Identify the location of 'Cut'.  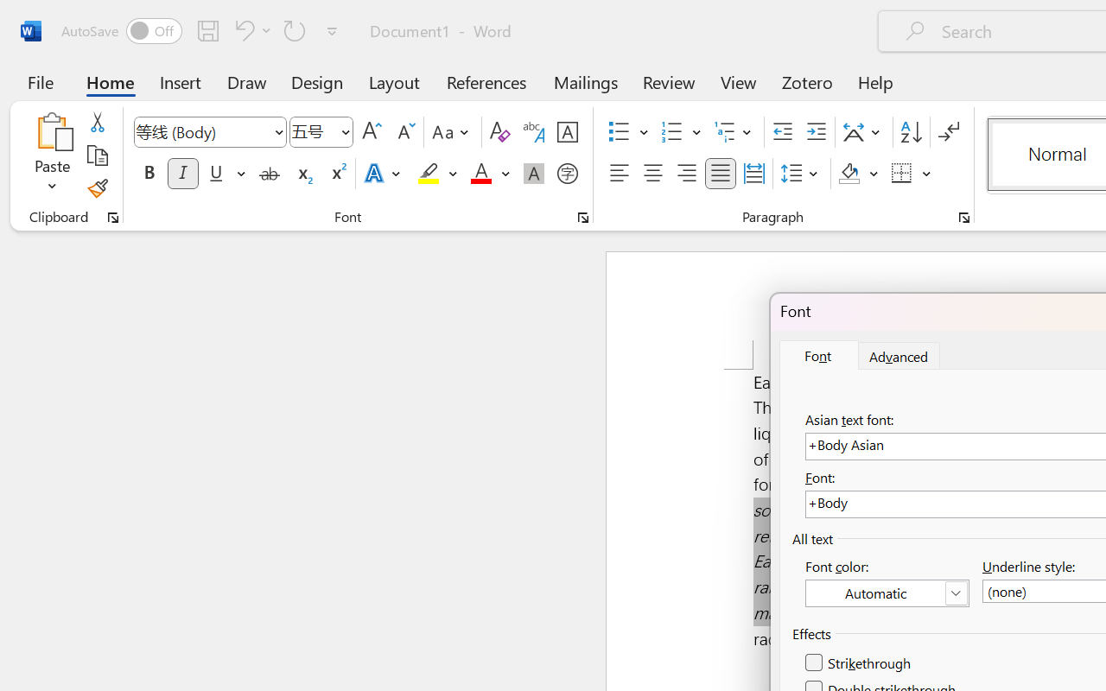
(96, 122).